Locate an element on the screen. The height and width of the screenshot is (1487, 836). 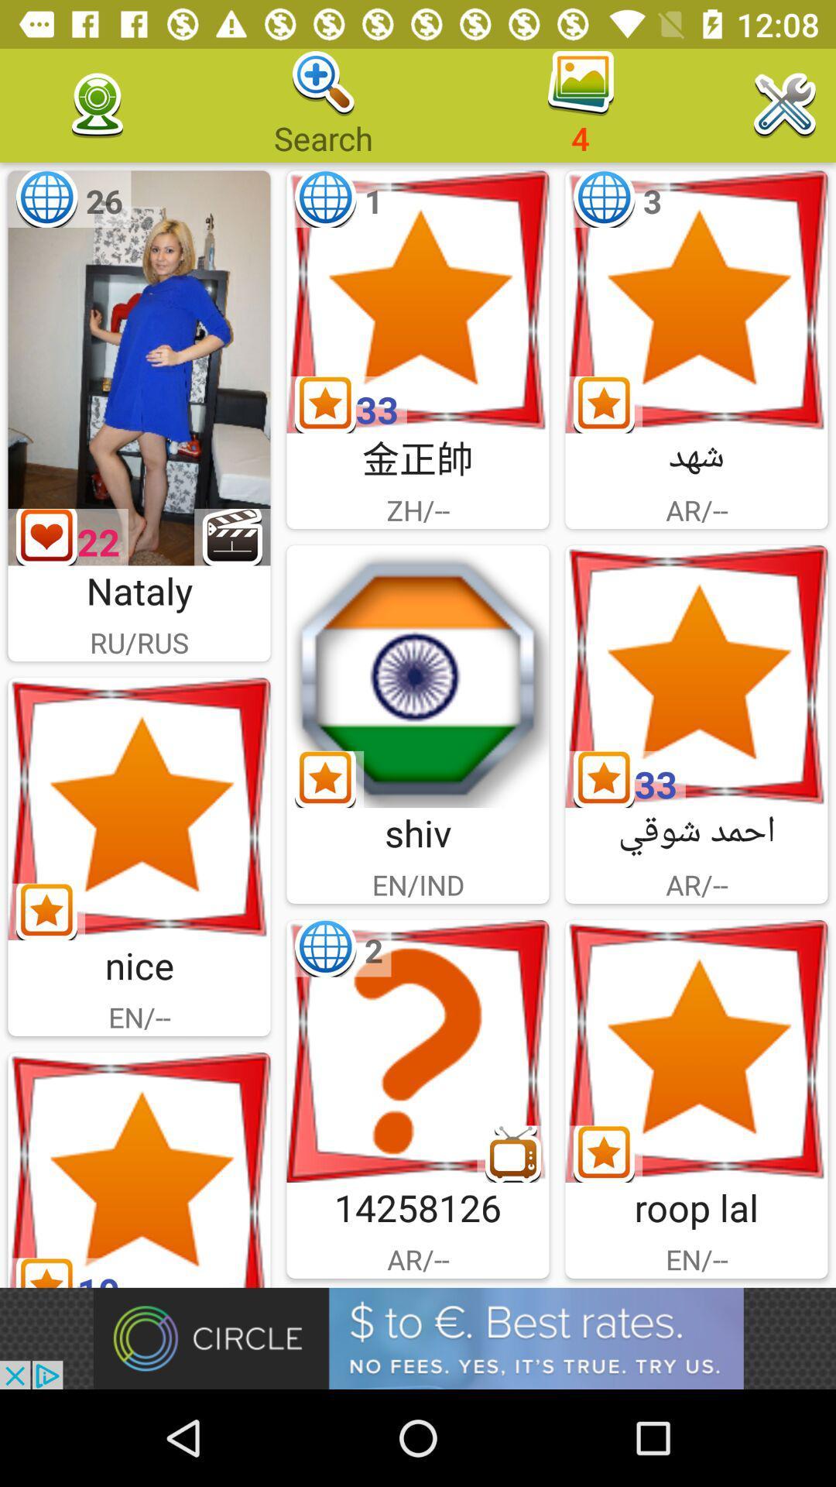
open picture is located at coordinates (139, 808).